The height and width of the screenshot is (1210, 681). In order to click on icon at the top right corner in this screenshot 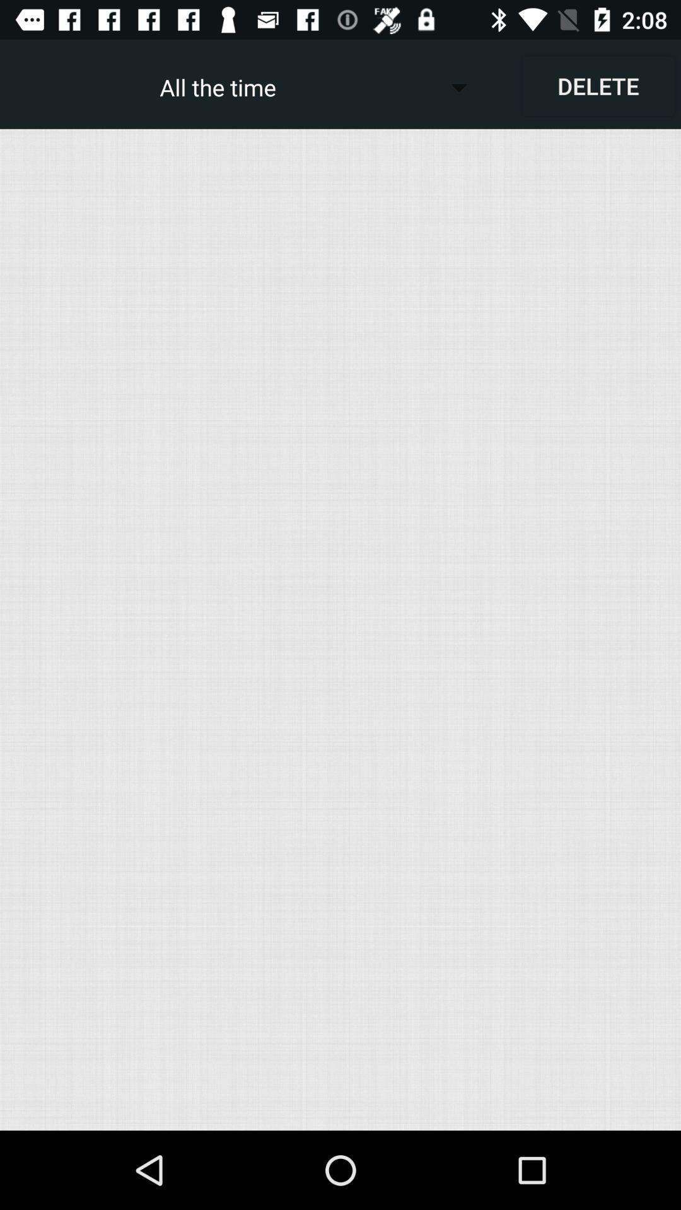, I will do `click(597, 85)`.